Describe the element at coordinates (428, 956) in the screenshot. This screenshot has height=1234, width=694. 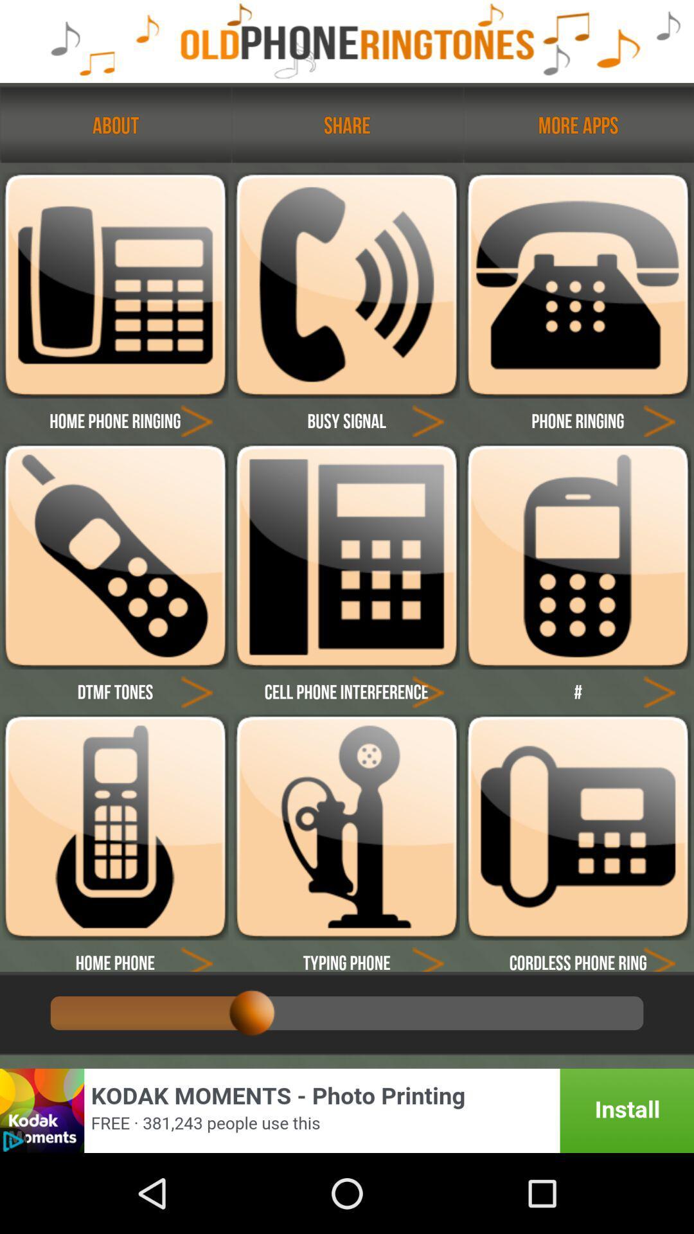
I see `the icon arrow` at that location.